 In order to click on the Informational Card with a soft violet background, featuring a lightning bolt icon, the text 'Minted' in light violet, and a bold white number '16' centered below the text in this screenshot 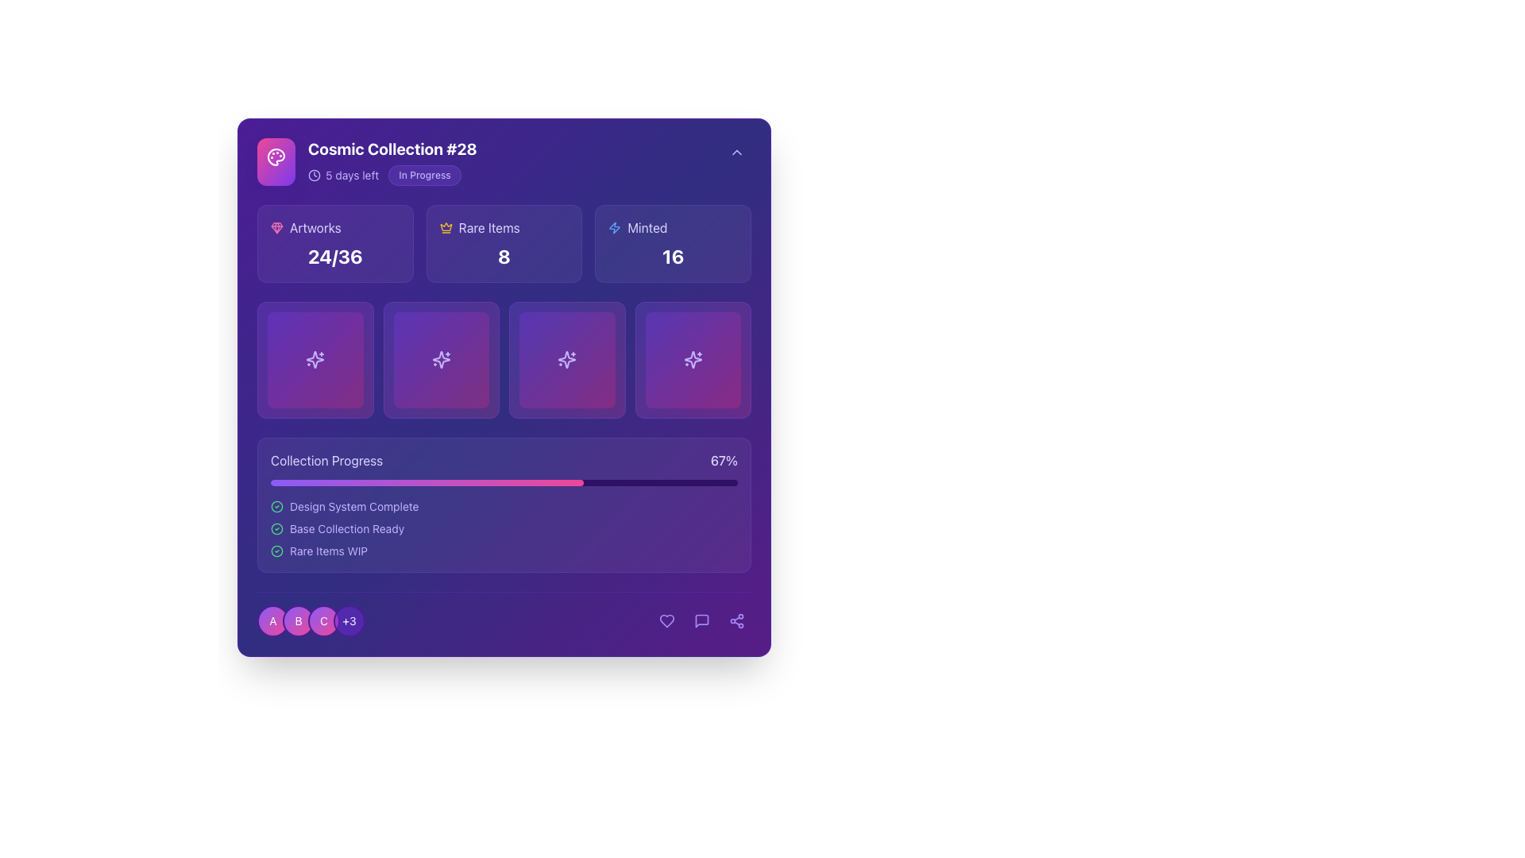, I will do `click(673, 244)`.